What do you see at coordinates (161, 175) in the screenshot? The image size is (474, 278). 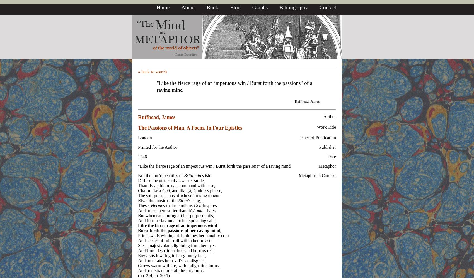 I see `'Not the fam'd beauties of'` at bounding box center [161, 175].